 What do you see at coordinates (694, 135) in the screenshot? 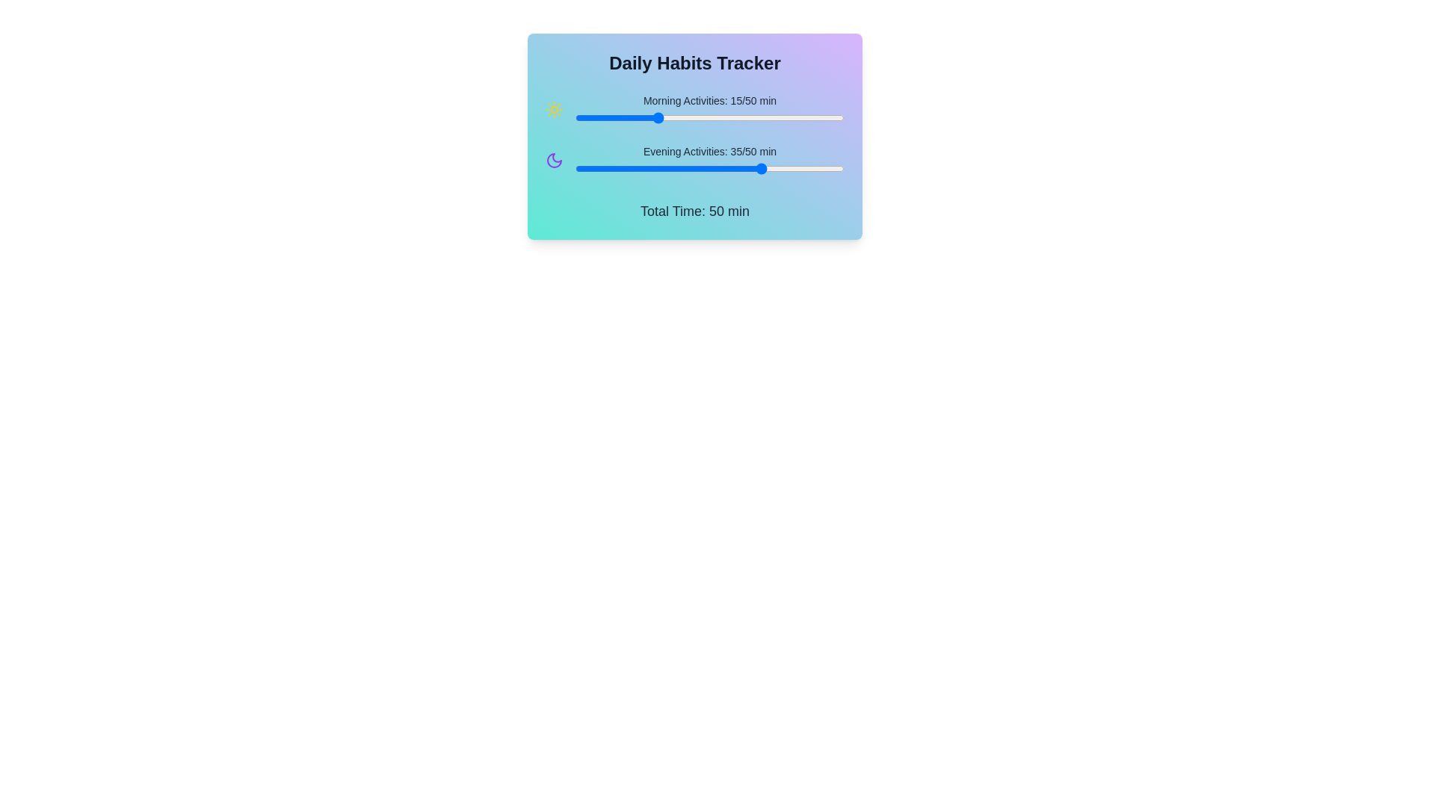
I see `the adjustable progress bars located within the 'Daily Habits Tracker' card, which visually tracks morning and evening activities` at bounding box center [694, 135].